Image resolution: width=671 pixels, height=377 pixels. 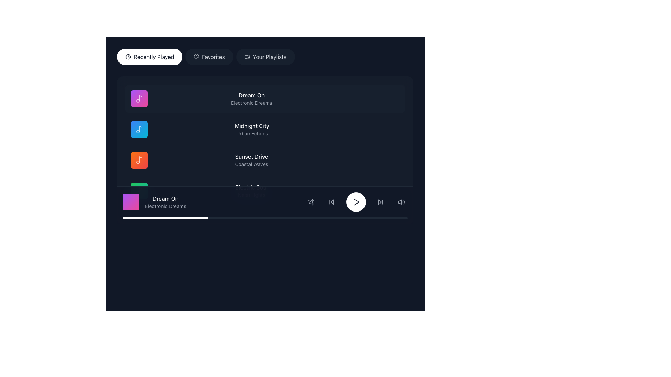 I want to click on progress, so click(x=242, y=217).